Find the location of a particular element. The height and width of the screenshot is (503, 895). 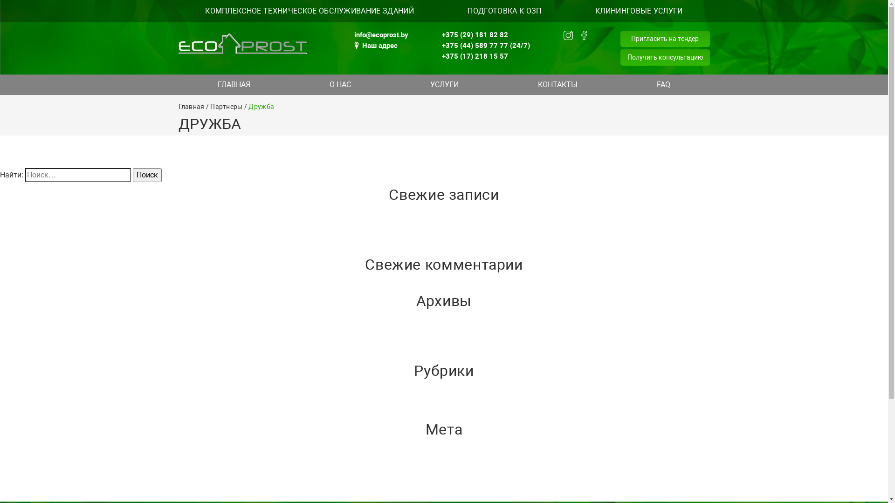

'WordPress.org' is located at coordinates (0, 495).